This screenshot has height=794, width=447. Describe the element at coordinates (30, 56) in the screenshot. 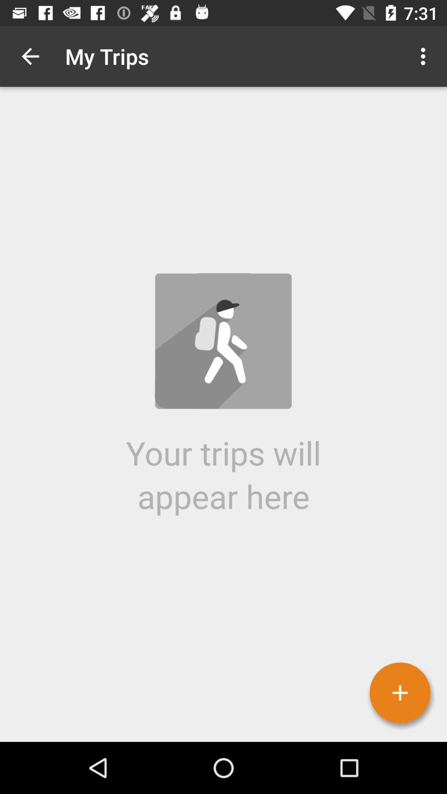

I see `icon to the left of the my trips icon` at that location.